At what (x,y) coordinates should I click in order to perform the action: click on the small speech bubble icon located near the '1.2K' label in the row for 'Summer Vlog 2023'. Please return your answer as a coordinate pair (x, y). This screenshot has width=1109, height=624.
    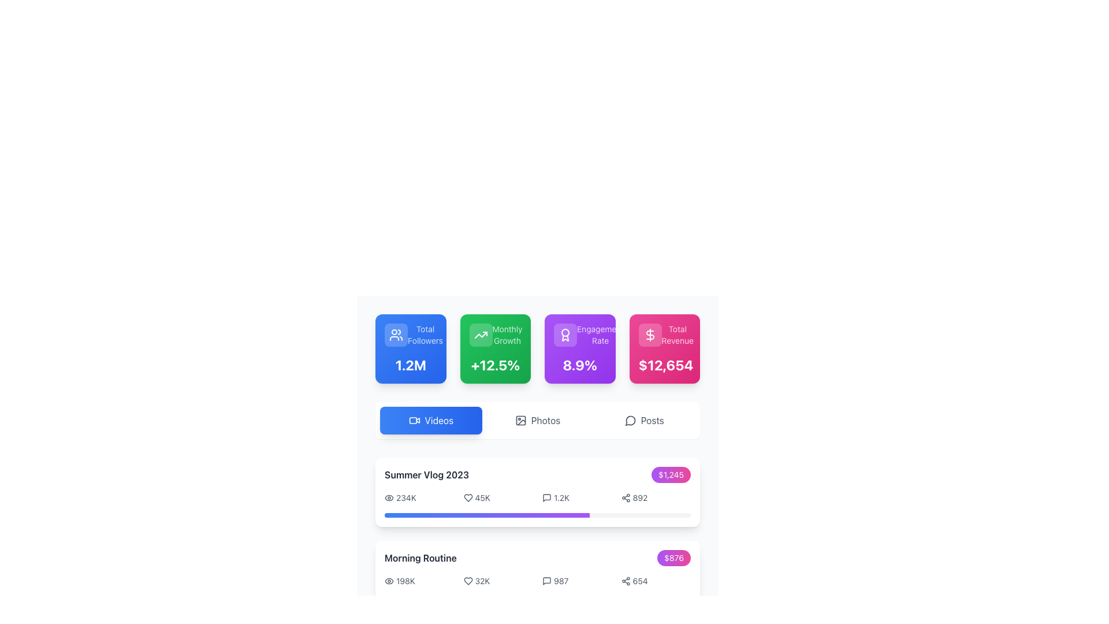
    Looking at the image, I should click on (546, 497).